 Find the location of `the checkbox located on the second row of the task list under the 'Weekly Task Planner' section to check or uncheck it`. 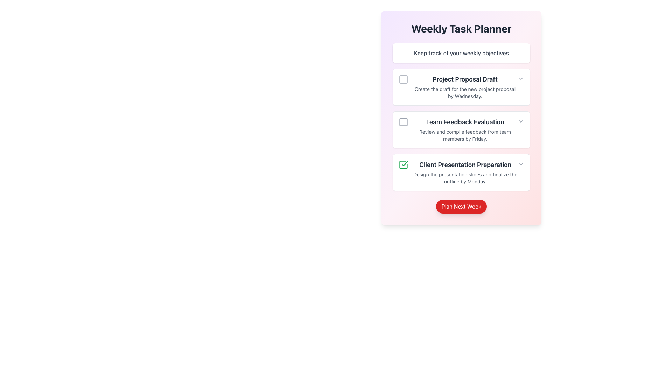

the checkbox located on the second row of the task list under the 'Weekly Task Planner' section to check or uncheck it is located at coordinates (403, 121).